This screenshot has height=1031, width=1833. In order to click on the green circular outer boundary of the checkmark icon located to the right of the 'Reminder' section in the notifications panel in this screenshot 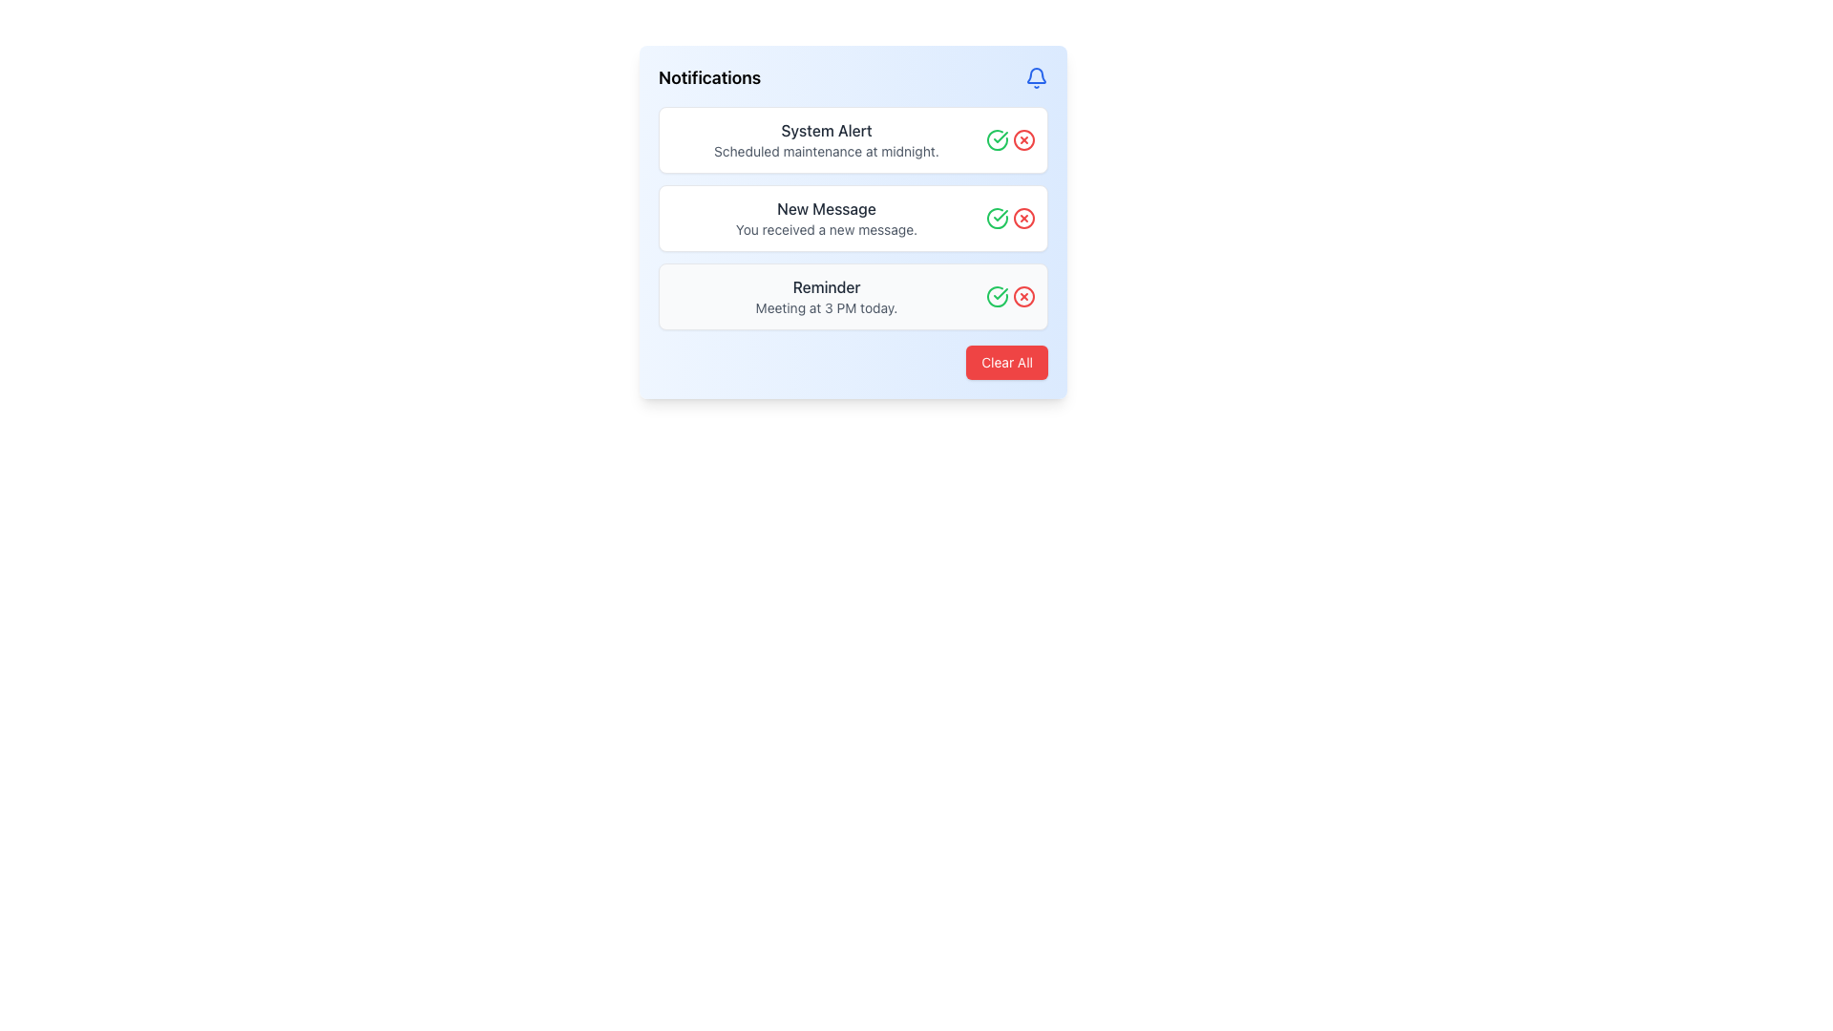, I will do `click(997, 297)`.